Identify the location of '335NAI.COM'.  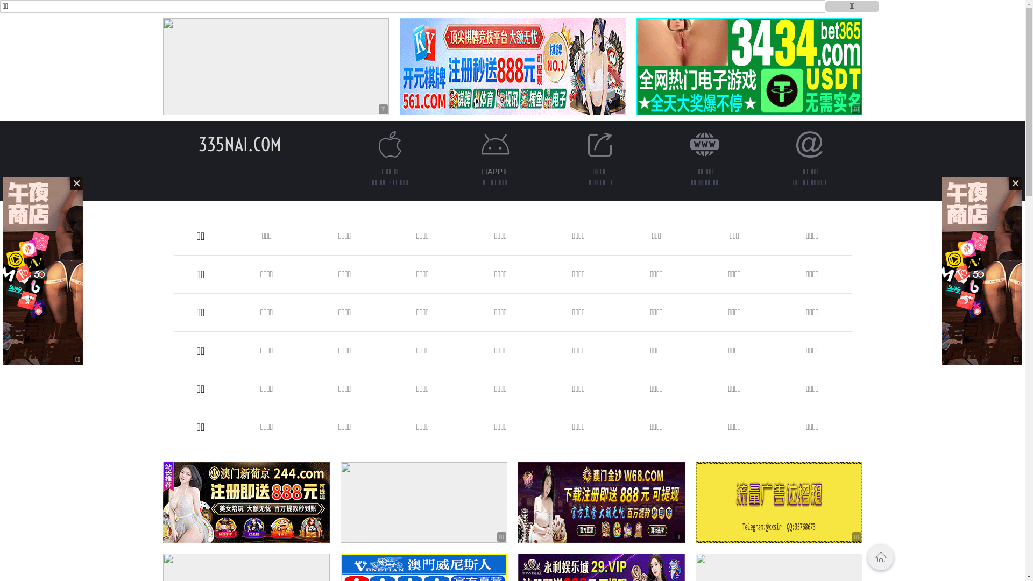
(239, 144).